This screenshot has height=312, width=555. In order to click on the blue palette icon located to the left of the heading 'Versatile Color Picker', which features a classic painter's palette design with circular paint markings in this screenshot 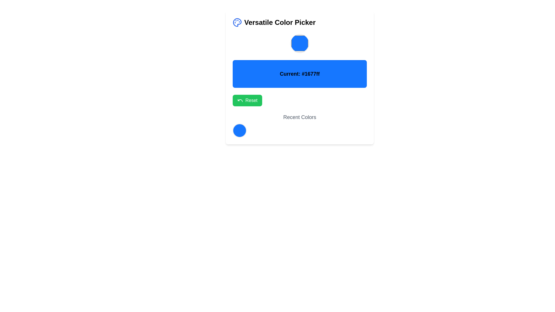, I will do `click(237, 22)`.